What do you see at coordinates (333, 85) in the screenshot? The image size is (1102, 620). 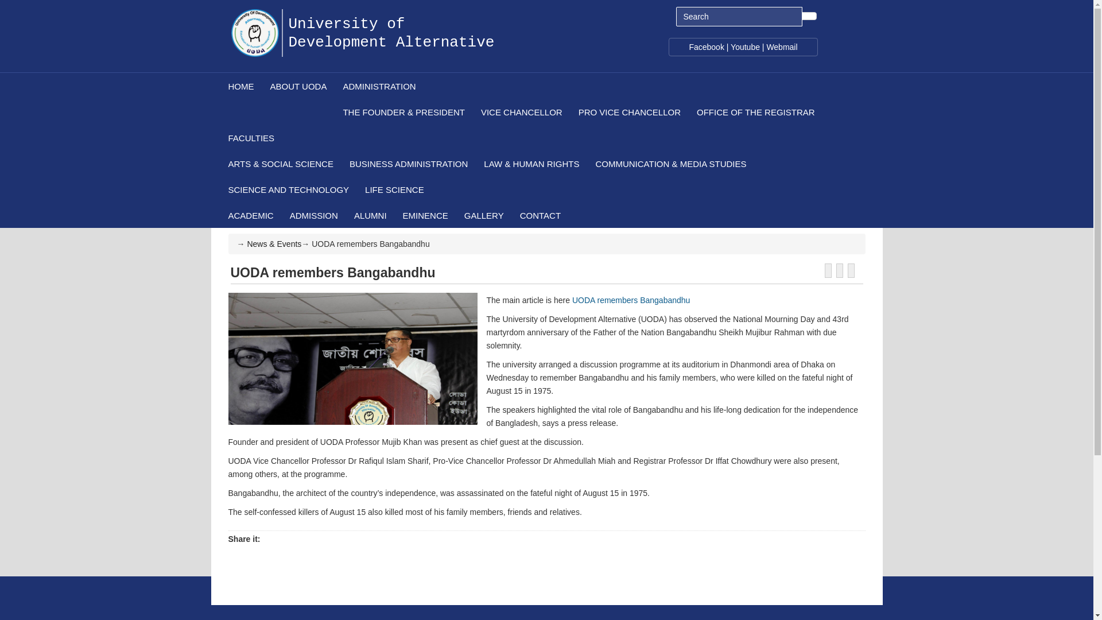 I see `'ADMINISTRATION'` at bounding box center [333, 85].